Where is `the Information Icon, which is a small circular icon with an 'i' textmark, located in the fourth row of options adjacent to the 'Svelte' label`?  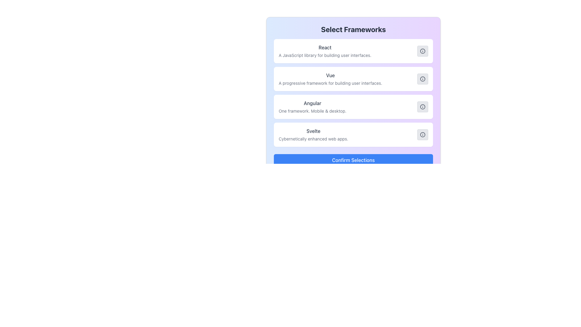
the Information Icon, which is a small circular icon with an 'i' textmark, located in the fourth row of options adjacent to the 'Svelte' label is located at coordinates (422, 134).